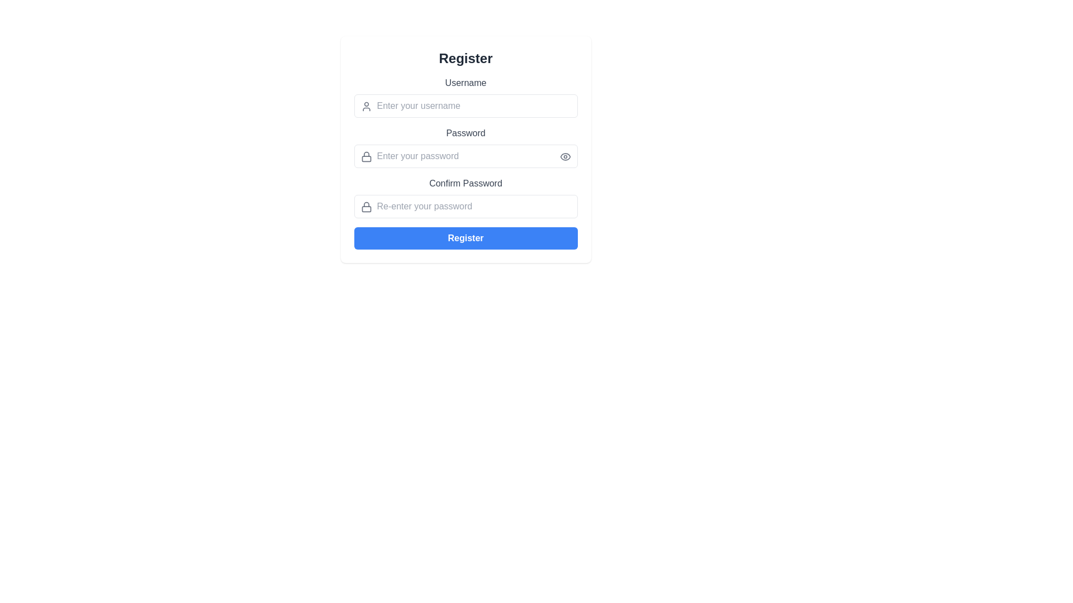  What do you see at coordinates (366, 157) in the screenshot?
I see `the password entry icon located to the left of the password input field, which visually indicates the field's purpose` at bounding box center [366, 157].